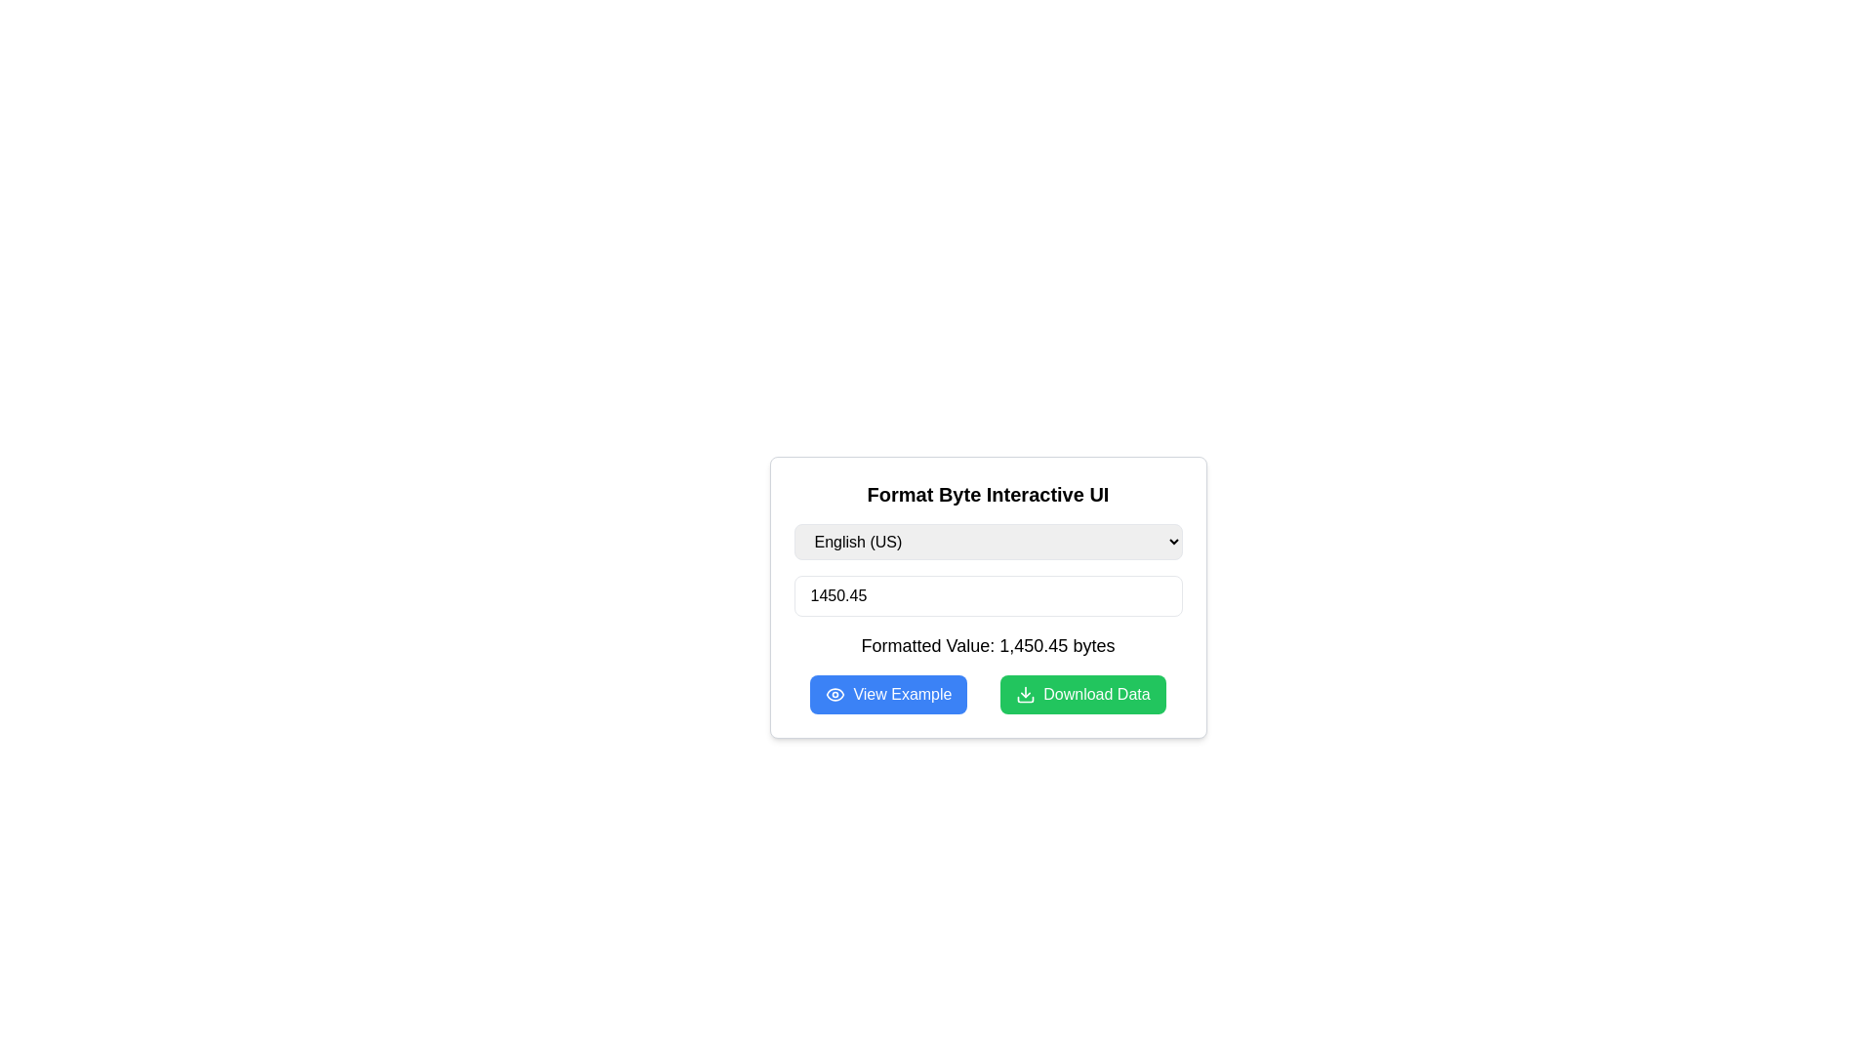 Image resolution: width=1874 pixels, height=1054 pixels. Describe the element at coordinates (988, 542) in the screenshot. I see `an option from the language preference dropdown menu located below the 'Format Byte Interactive UI' heading` at that location.